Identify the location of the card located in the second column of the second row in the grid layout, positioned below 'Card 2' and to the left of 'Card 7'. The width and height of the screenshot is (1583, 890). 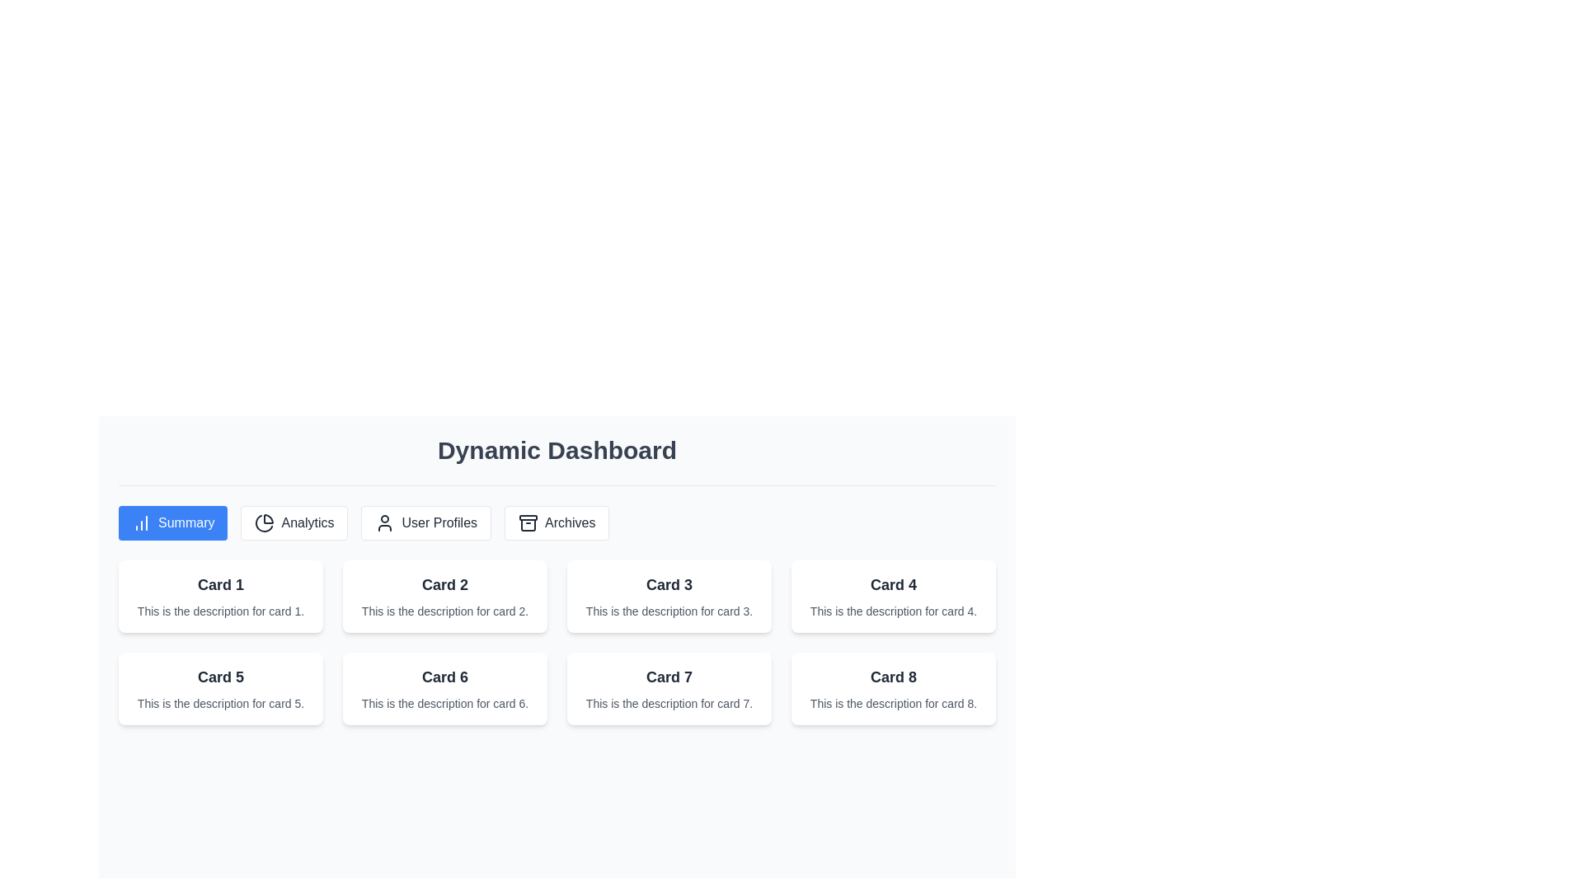
(444, 689).